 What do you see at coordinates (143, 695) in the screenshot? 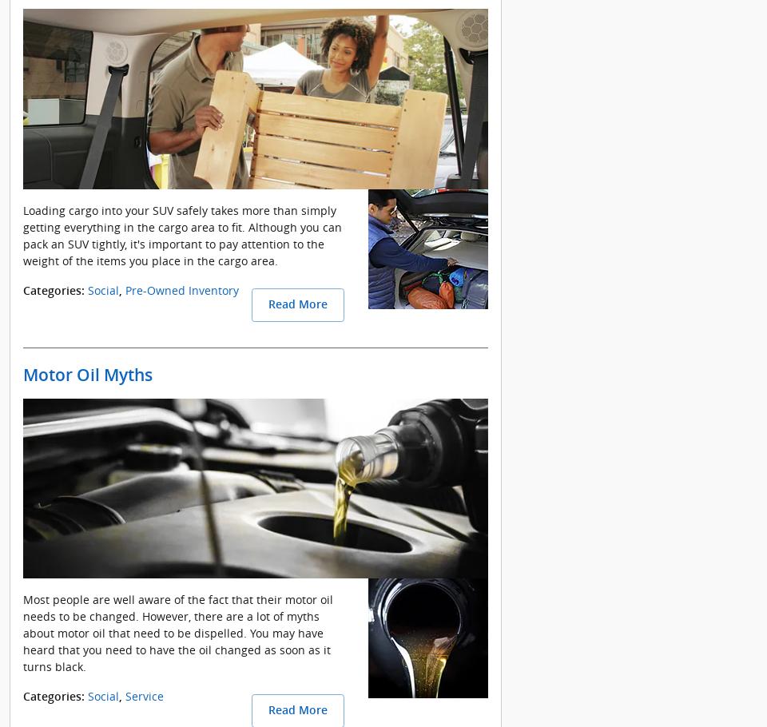
I see `'Service'` at bounding box center [143, 695].